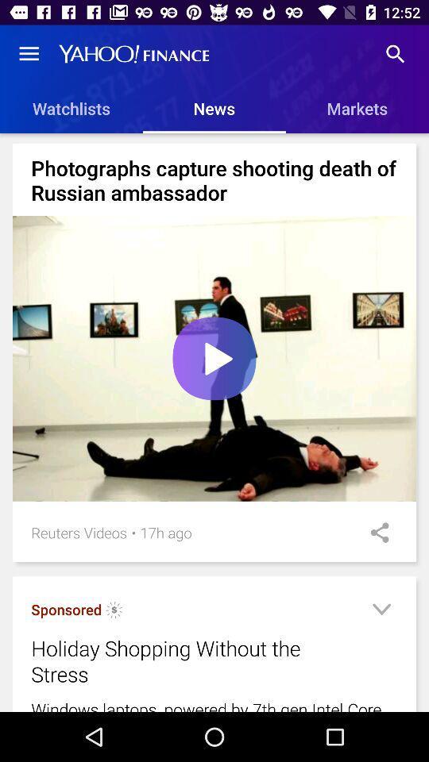  What do you see at coordinates (29, 54) in the screenshot?
I see `icon above watchlists` at bounding box center [29, 54].